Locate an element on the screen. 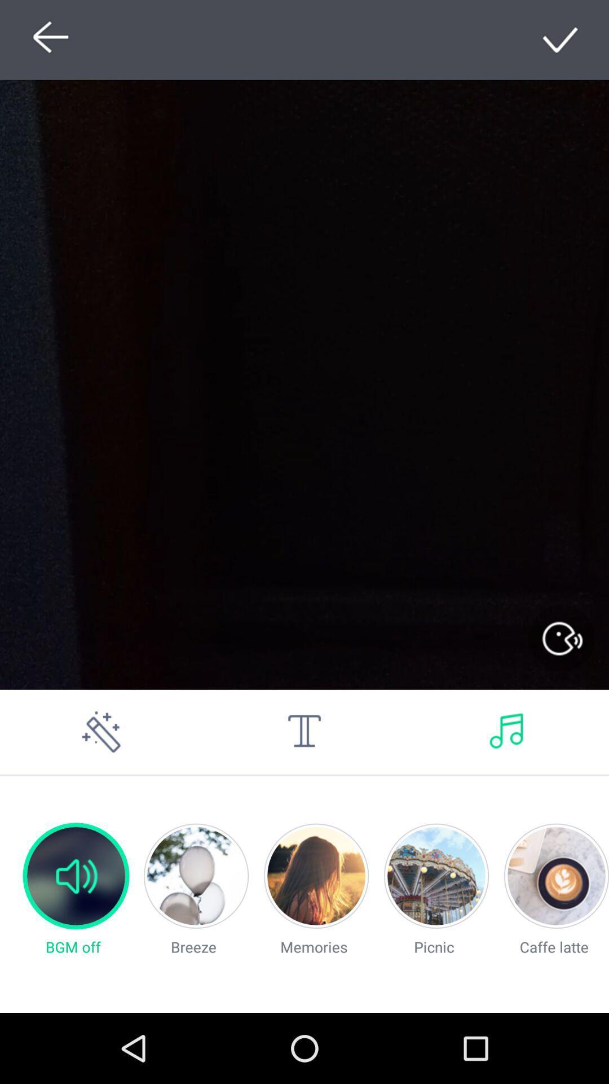  music is located at coordinates (506, 732).